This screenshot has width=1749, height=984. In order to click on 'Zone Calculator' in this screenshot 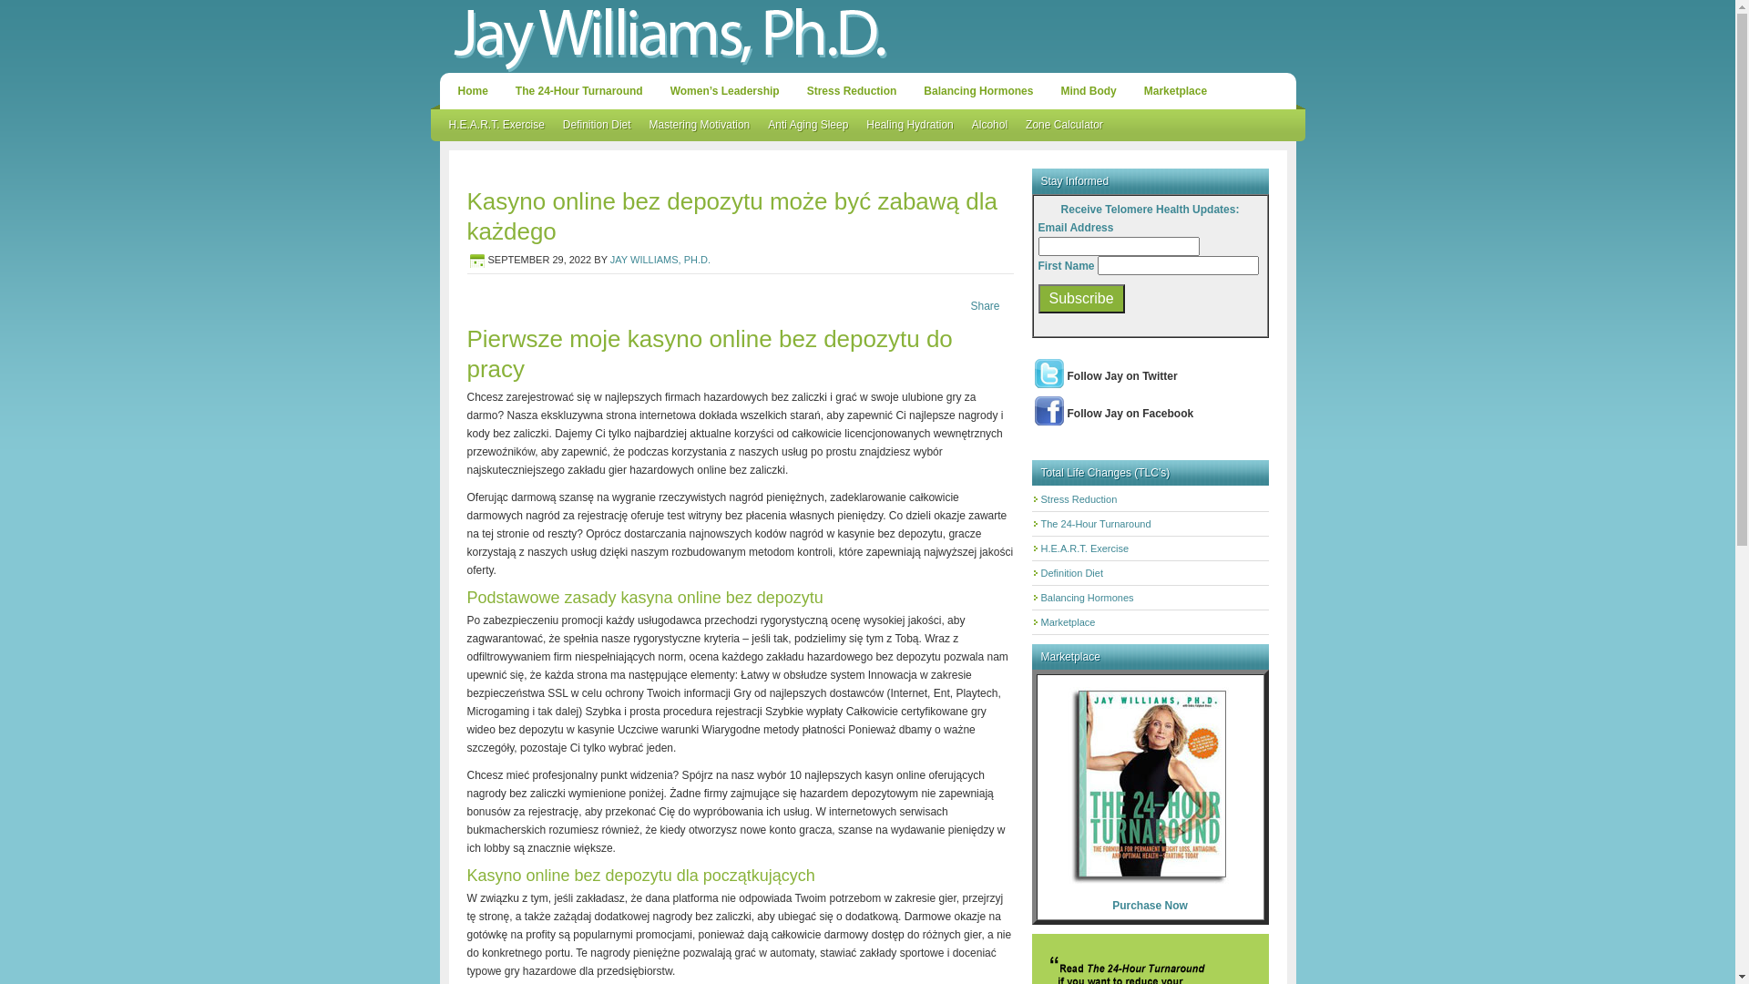, I will do `click(1016, 124)`.